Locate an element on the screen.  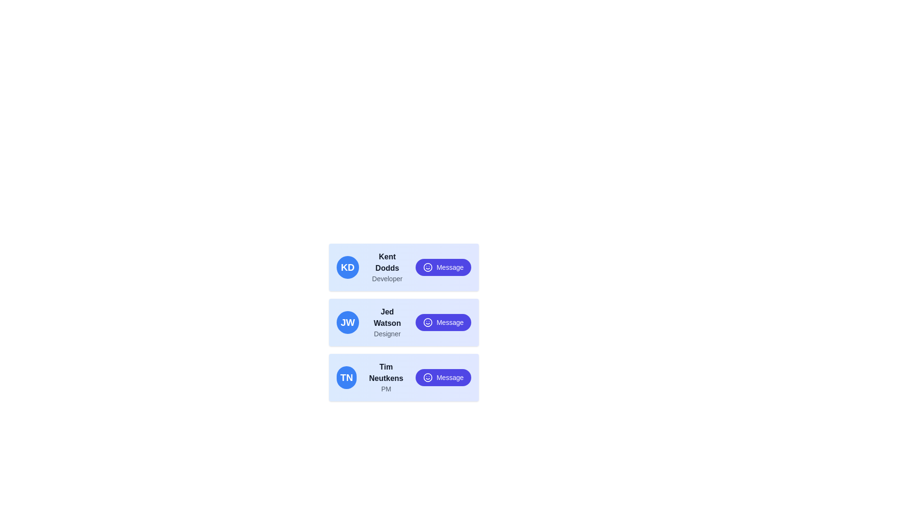
the static text label indicating the role 'PM', which is located below the bolded name 'Tim Neutkens' in the bottom-most card of a vertical stack is located at coordinates (386, 389).